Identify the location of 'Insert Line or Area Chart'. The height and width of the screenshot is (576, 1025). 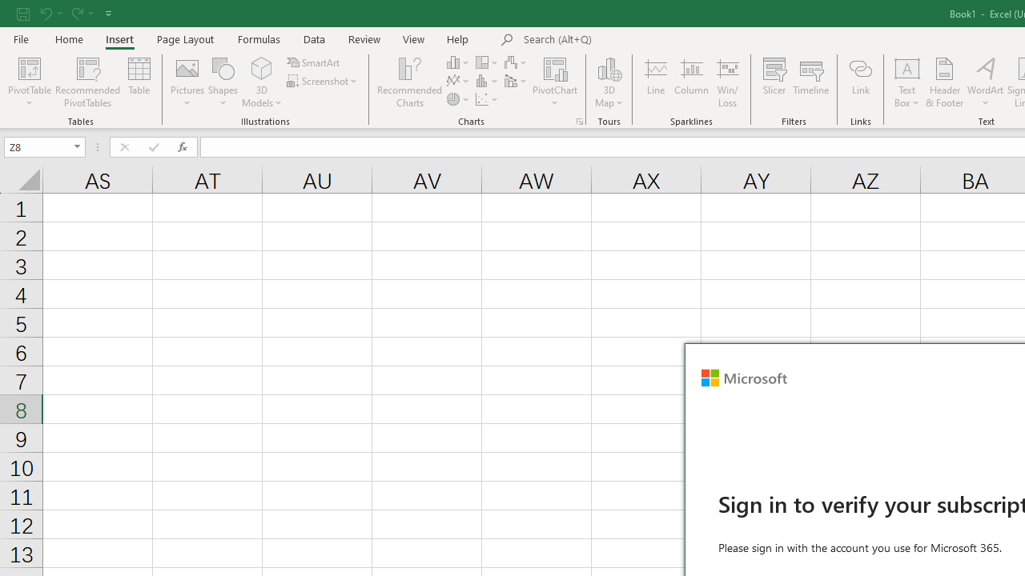
(458, 81).